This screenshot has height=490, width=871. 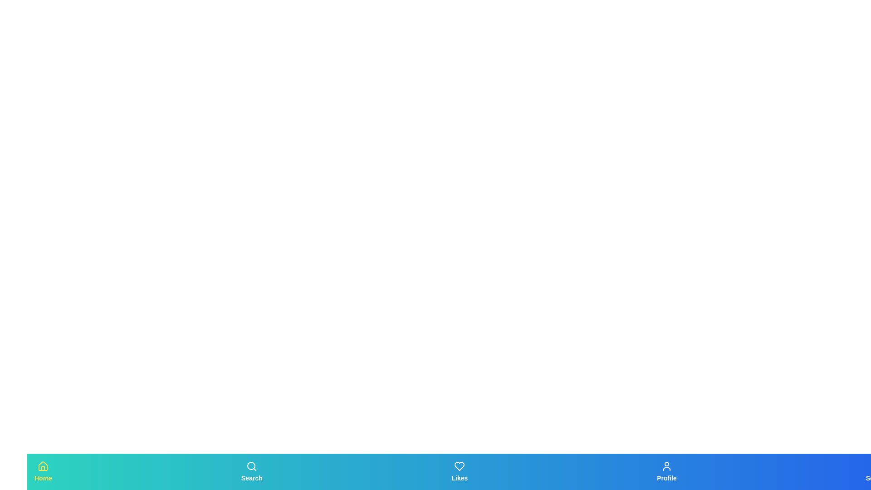 What do you see at coordinates (252, 471) in the screenshot?
I see `the tab labeled Search to observe the scaling effect` at bounding box center [252, 471].